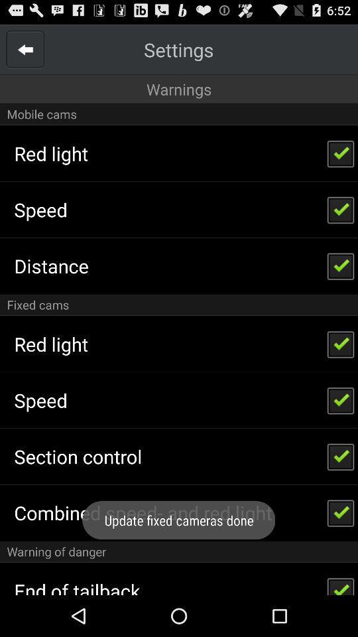  I want to click on the seventh check box button in the page, so click(341, 512).